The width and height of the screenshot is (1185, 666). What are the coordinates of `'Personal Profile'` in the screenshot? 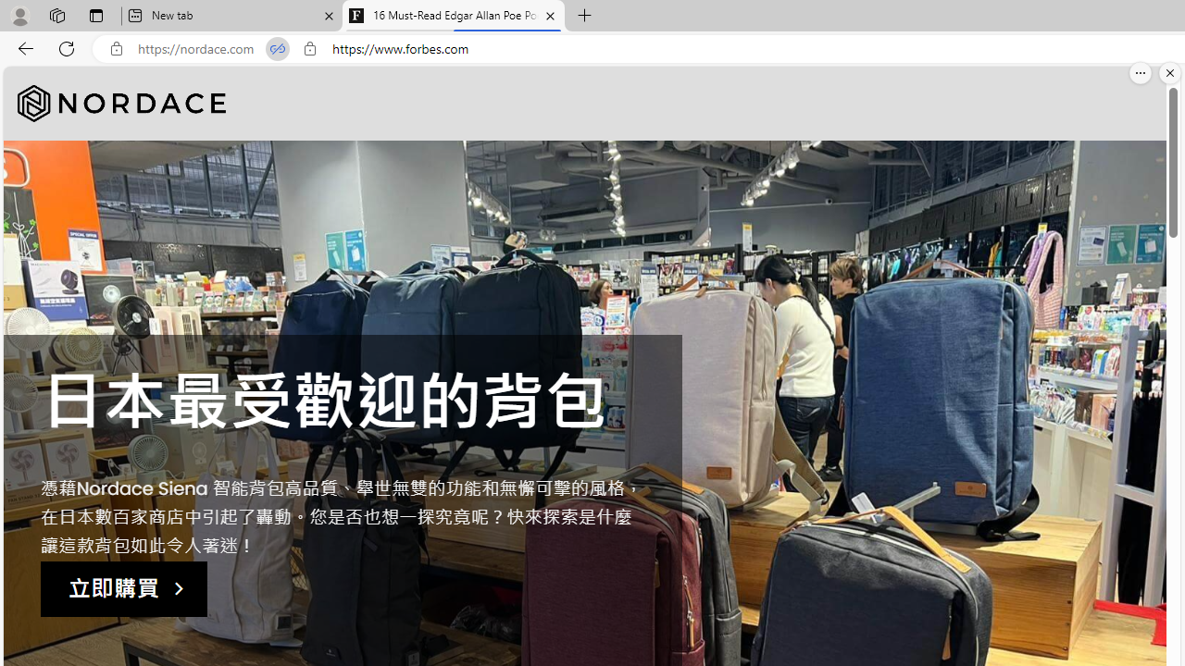 It's located at (19, 15).